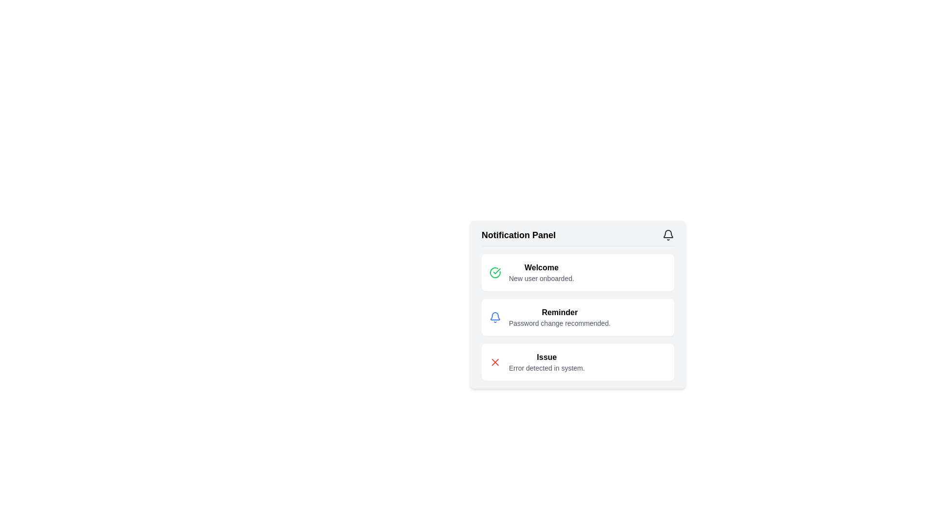 The image size is (936, 526). What do you see at coordinates (495, 272) in the screenshot?
I see `the success icon in the first notification panel, which is located next to the 'Welcome' header and indicates a new user onboarding` at bounding box center [495, 272].